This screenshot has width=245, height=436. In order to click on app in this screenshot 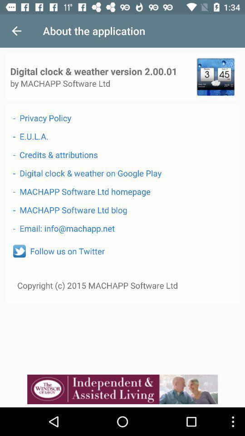, I will do `click(215, 76)`.